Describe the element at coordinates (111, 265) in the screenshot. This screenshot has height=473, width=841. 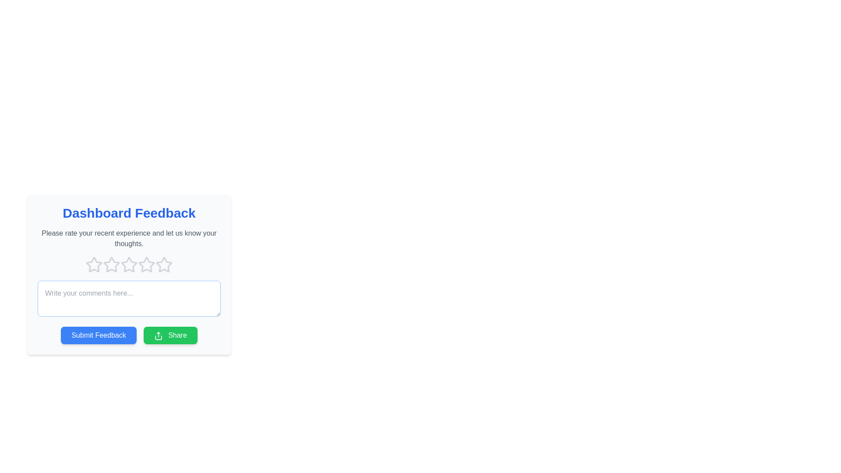
I see `the third gray star icon in the horizontal arrangement of five stars under the 'Dashboard Feedback' header` at that location.